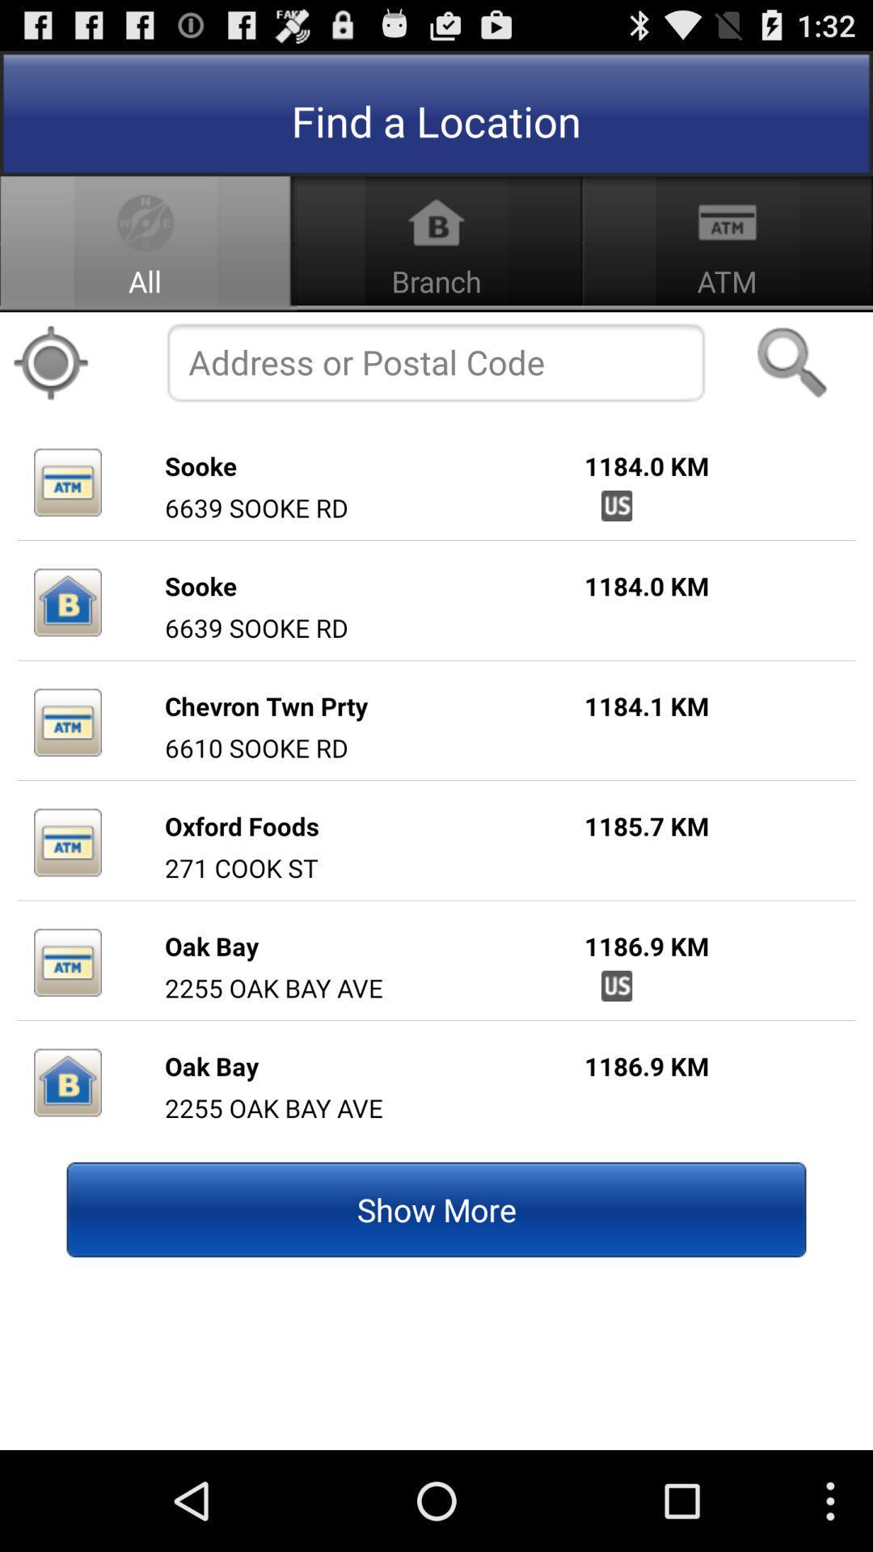  Describe the element at coordinates (436, 1209) in the screenshot. I see `the show more icon` at that location.